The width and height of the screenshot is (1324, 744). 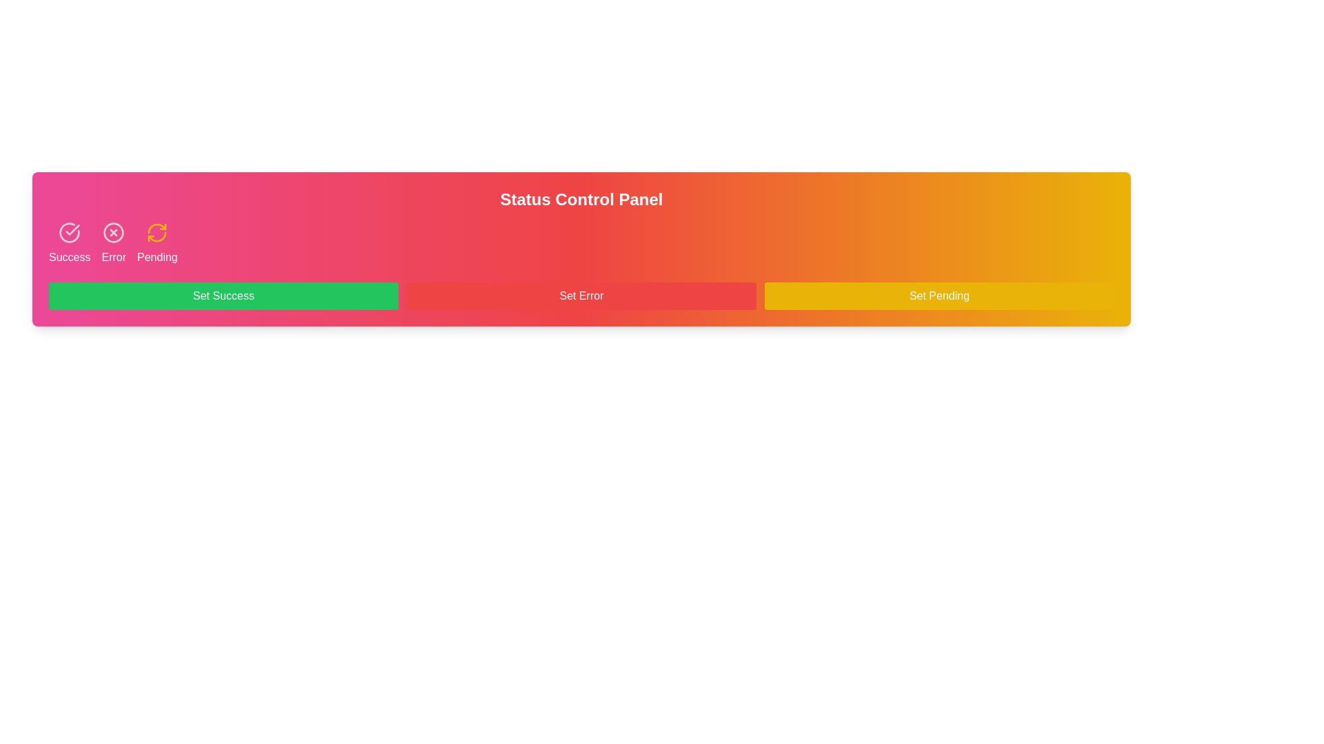 I want to click on the 'Success' text label, which is displayed in white font on a pink background and located below a check mark icon, so click(x=69, y=258).